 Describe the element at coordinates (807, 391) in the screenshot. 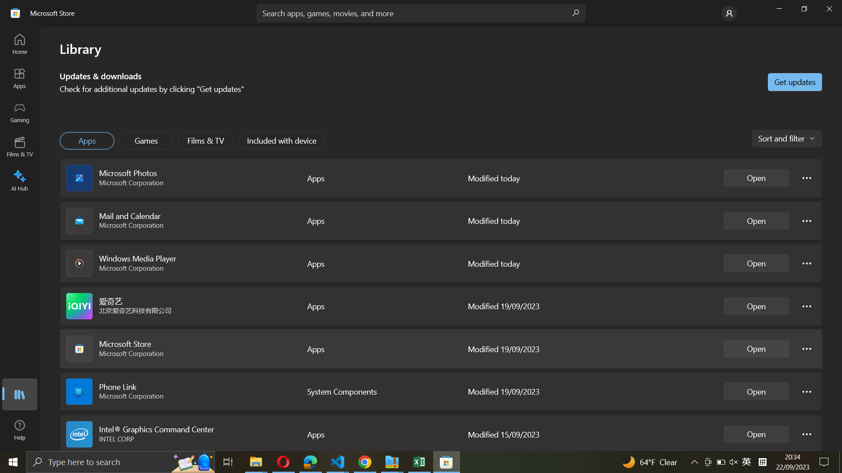

I see `Execute action to open phone link settings` at that location.